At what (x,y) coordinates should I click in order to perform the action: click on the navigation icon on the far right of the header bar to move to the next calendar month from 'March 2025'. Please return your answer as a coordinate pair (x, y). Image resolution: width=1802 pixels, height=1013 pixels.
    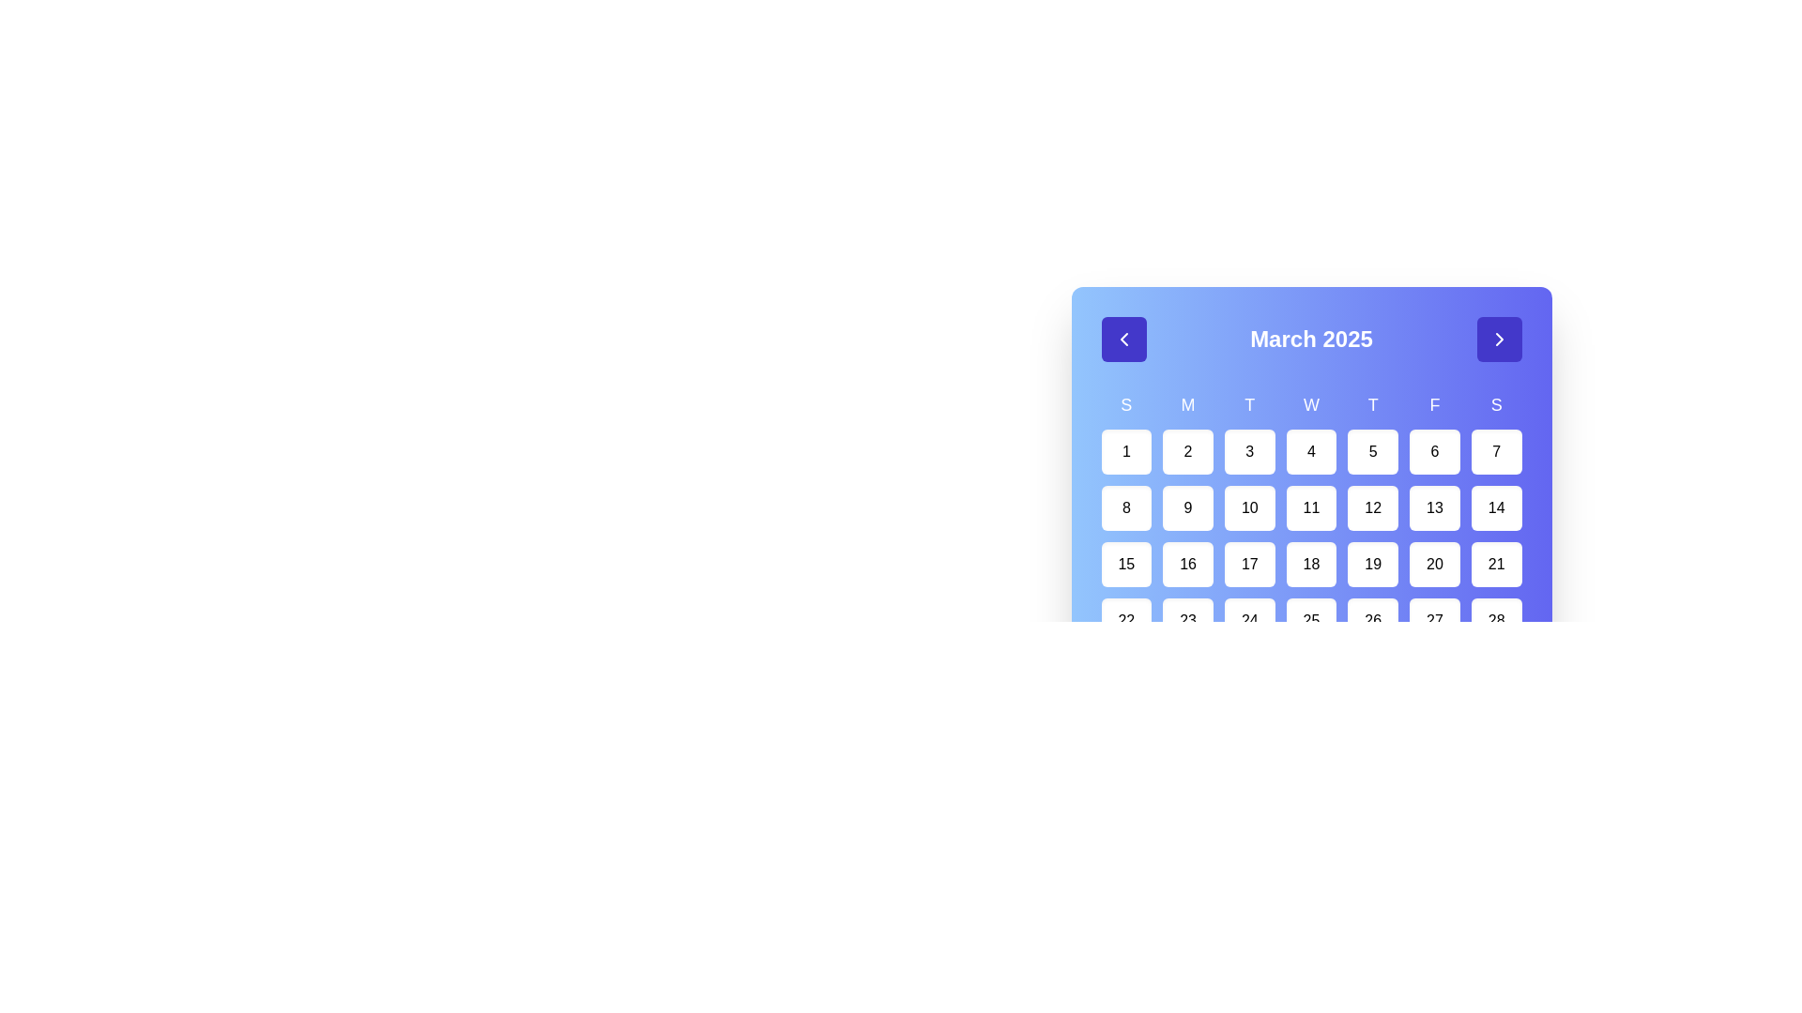
    Looking at the image, I should click on (1498, 340).